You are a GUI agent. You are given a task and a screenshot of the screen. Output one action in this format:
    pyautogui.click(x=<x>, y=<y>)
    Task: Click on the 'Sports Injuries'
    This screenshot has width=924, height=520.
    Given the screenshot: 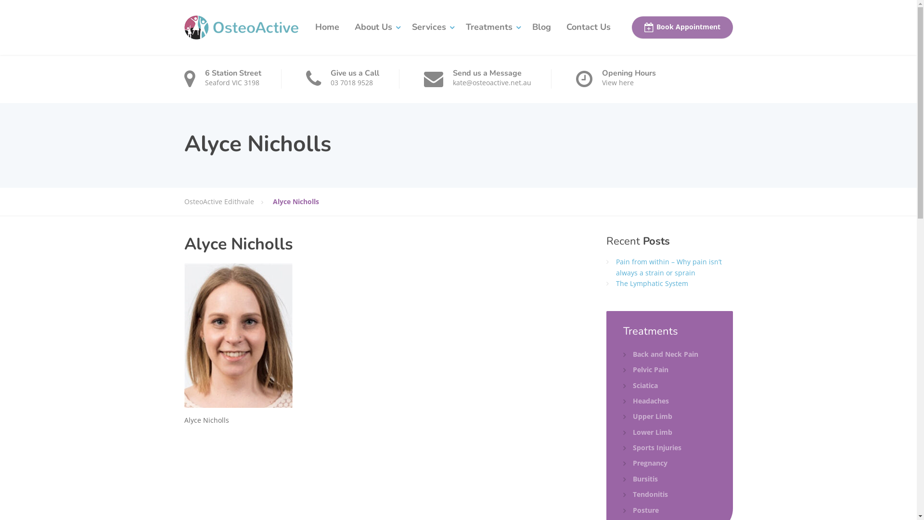 What is the action you would take?
    pyautogui.click(x=652, y=447)
    